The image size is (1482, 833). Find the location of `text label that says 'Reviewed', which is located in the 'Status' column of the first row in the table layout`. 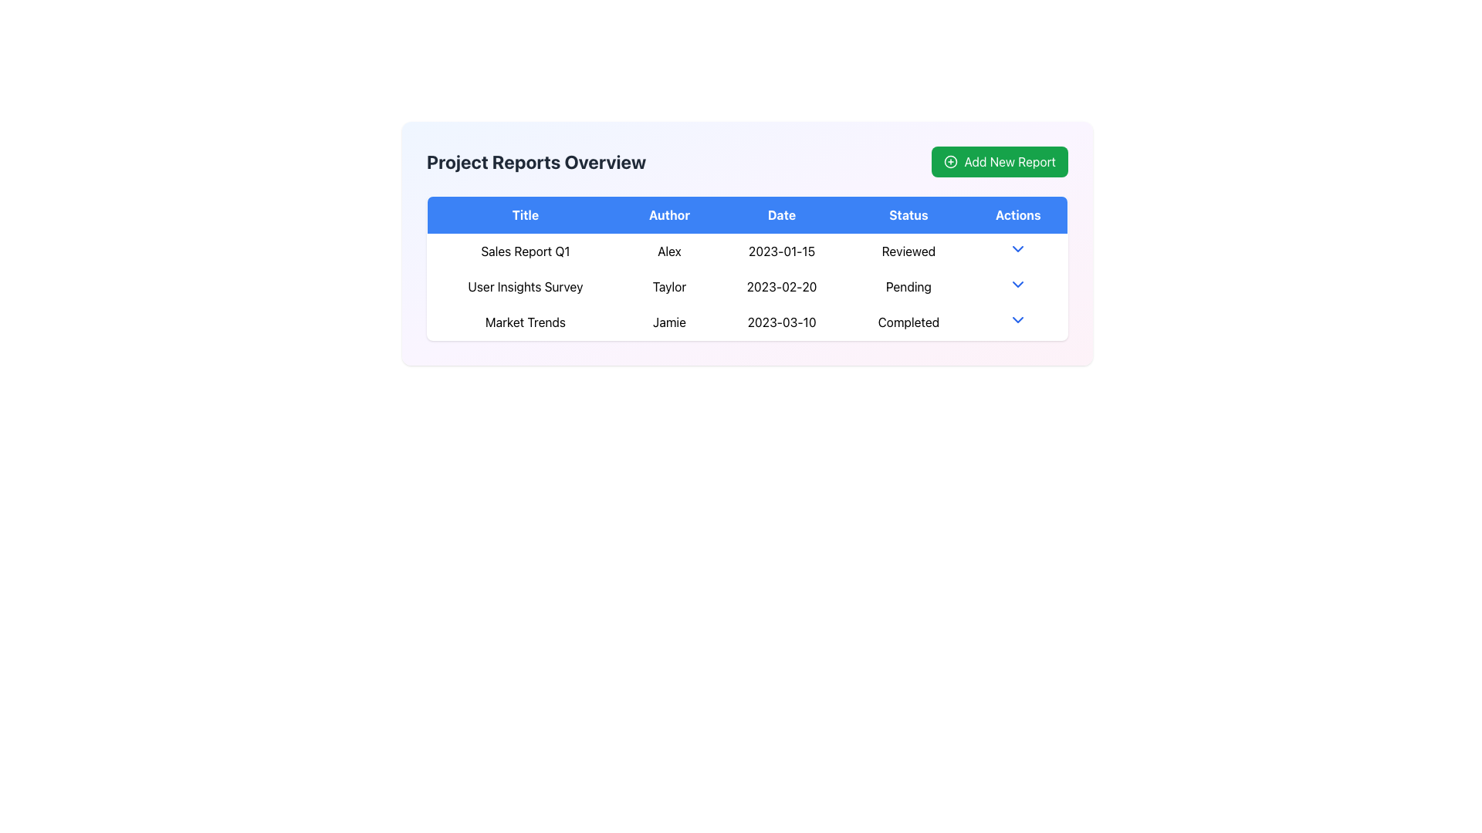

text label that says 'Reviewed', which is located in the 'Status' column of the first row in the table layout is located at coordinates (908, 251).